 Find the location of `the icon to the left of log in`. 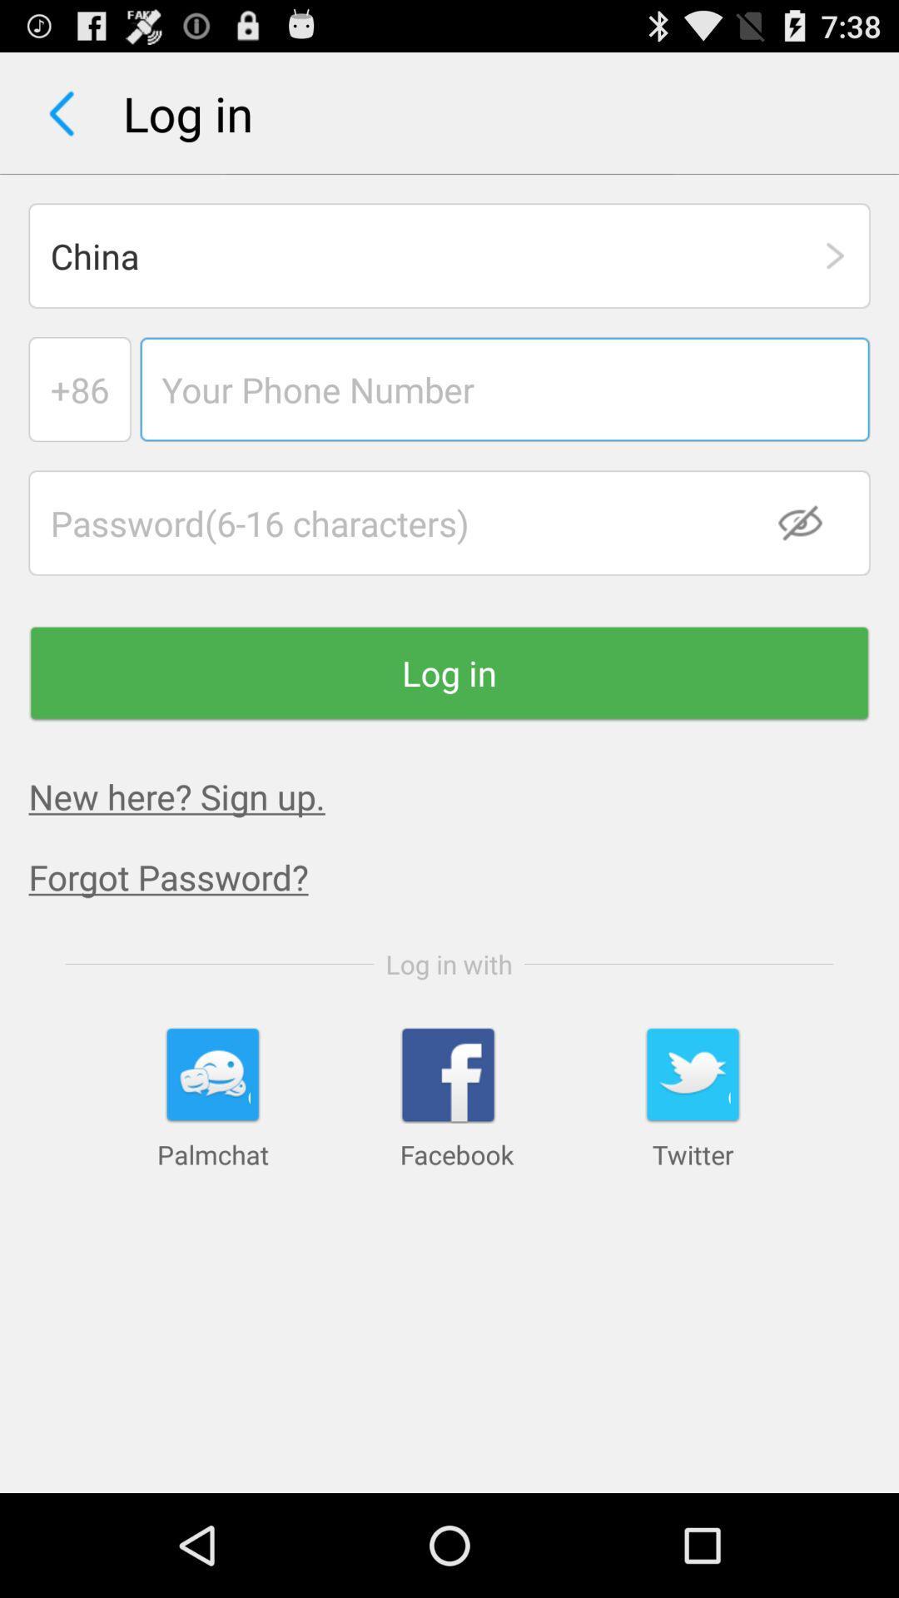

the icon to the left of log in is located at coordinates (61, 112).